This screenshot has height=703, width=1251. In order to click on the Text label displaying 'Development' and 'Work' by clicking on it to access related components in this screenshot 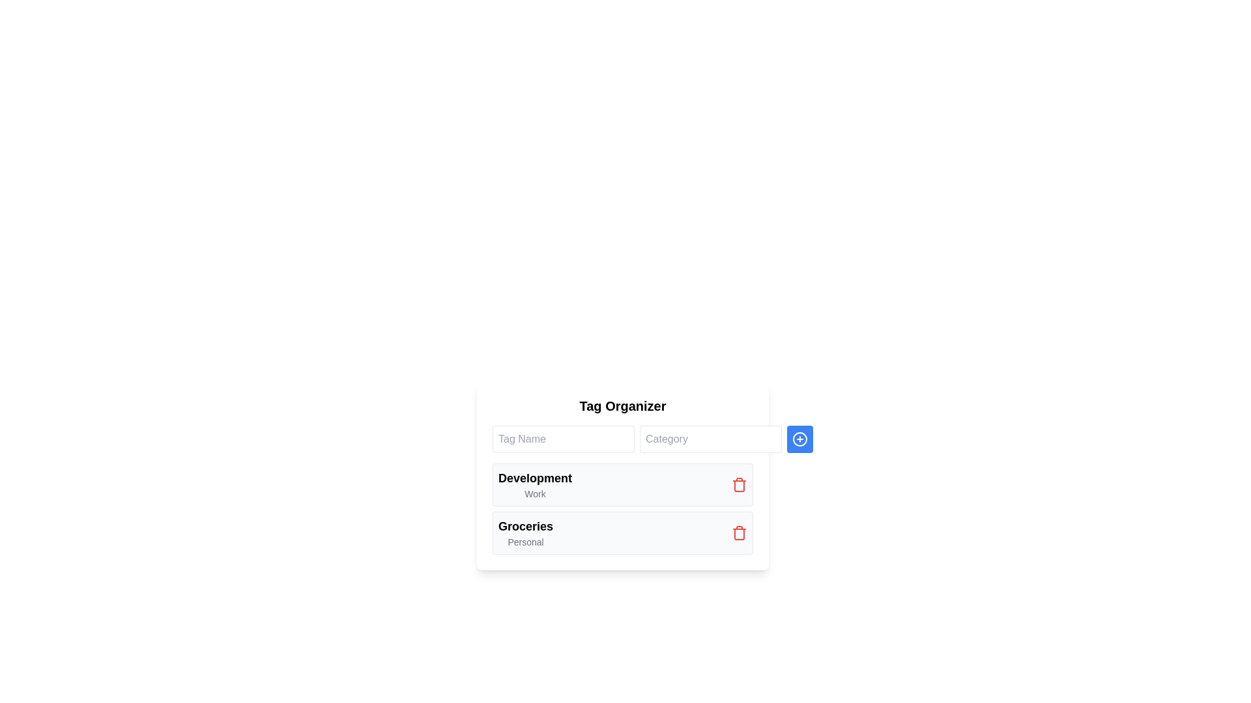, I will do `click(535, 484)`.